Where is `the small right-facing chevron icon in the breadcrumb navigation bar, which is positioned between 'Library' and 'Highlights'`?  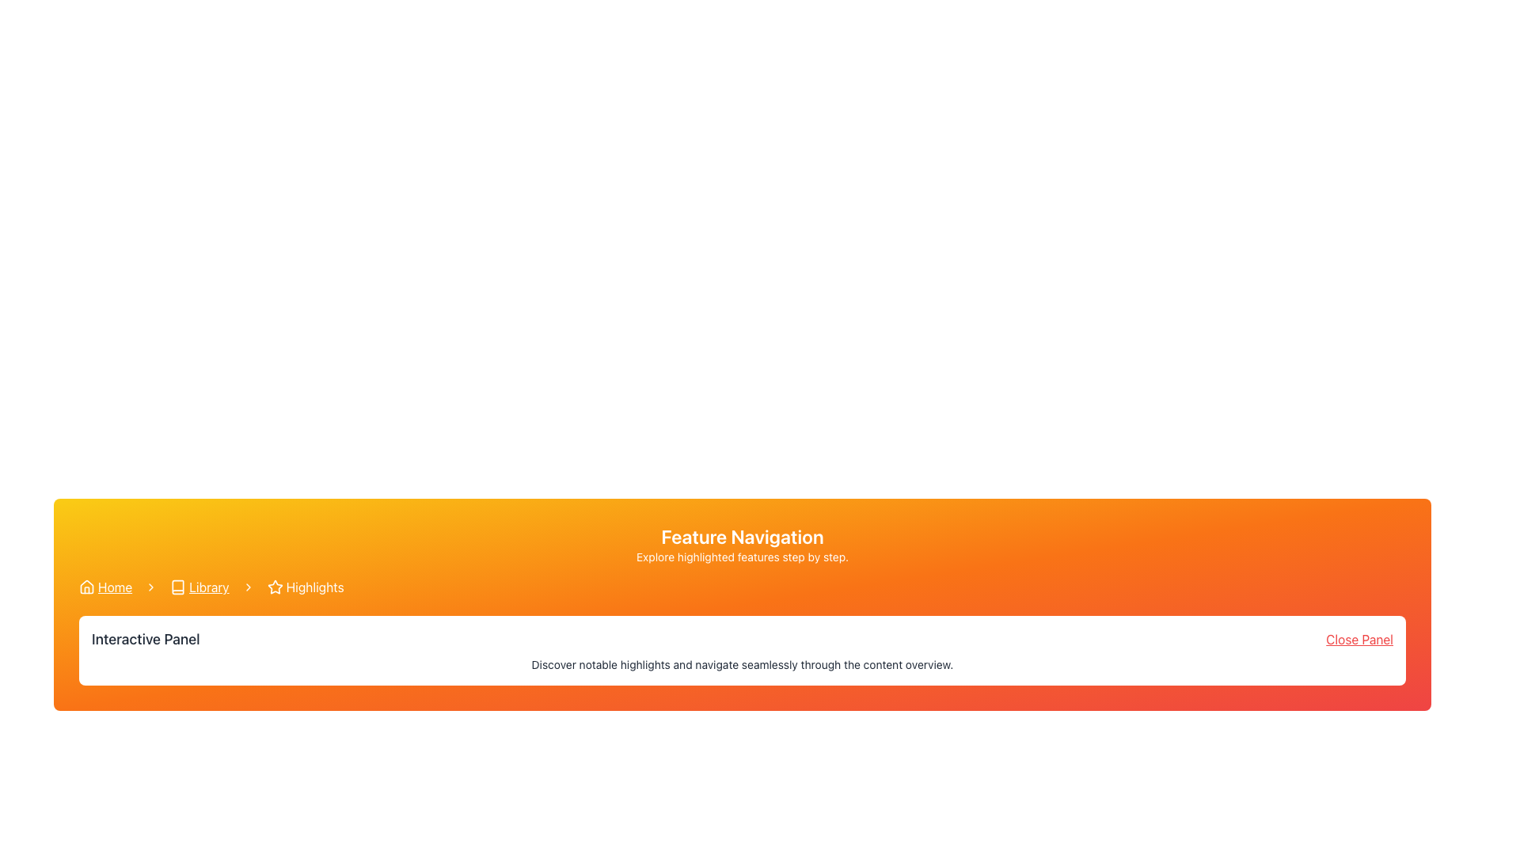
the small right-facing chevron icon in the breadcrumb navigation bar, which is positioned between 'Library' and 'Highlights' is located at coordinates (247, 587).